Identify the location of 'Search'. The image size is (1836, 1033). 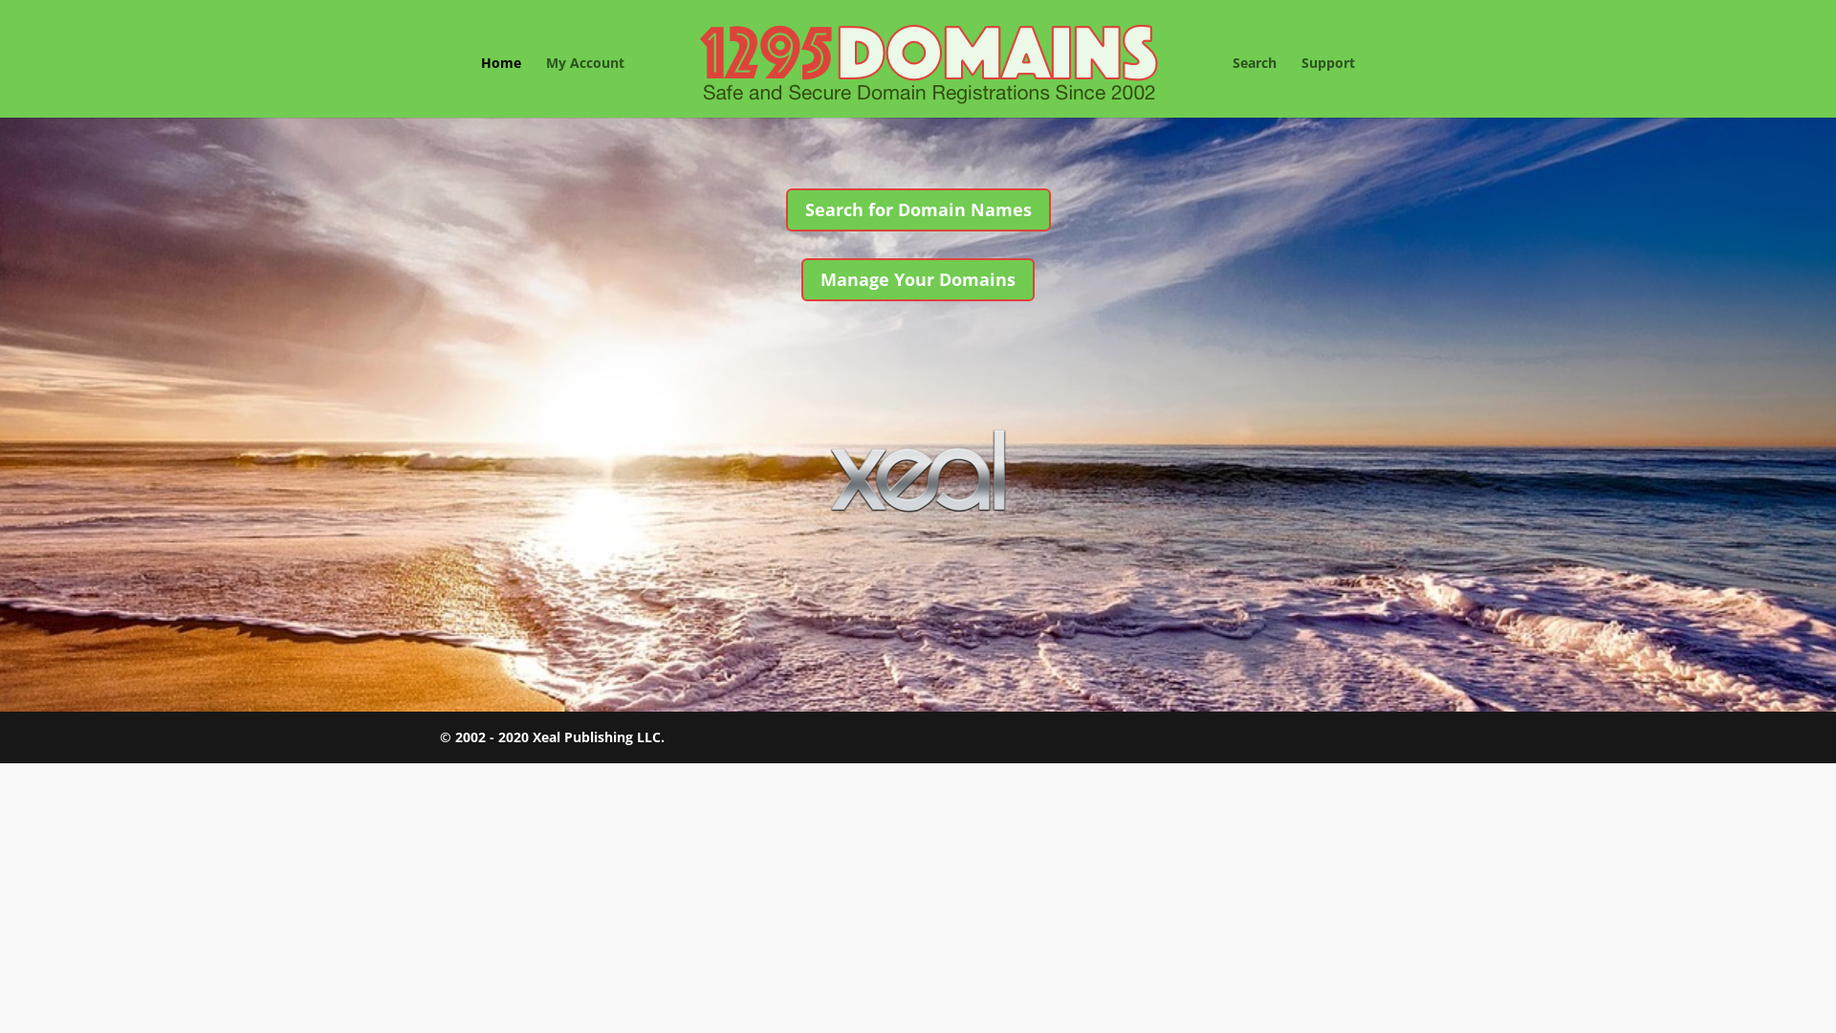
(1233, 87).